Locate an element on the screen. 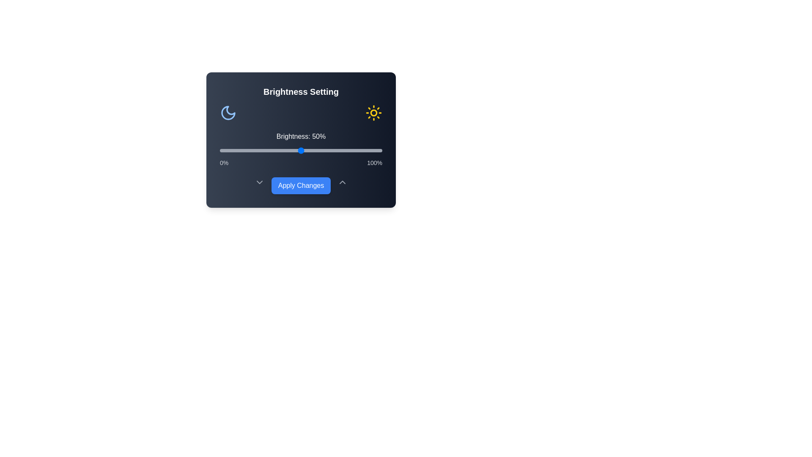  the 0% label to inspect for additional information is located at coordinates (224, 163).